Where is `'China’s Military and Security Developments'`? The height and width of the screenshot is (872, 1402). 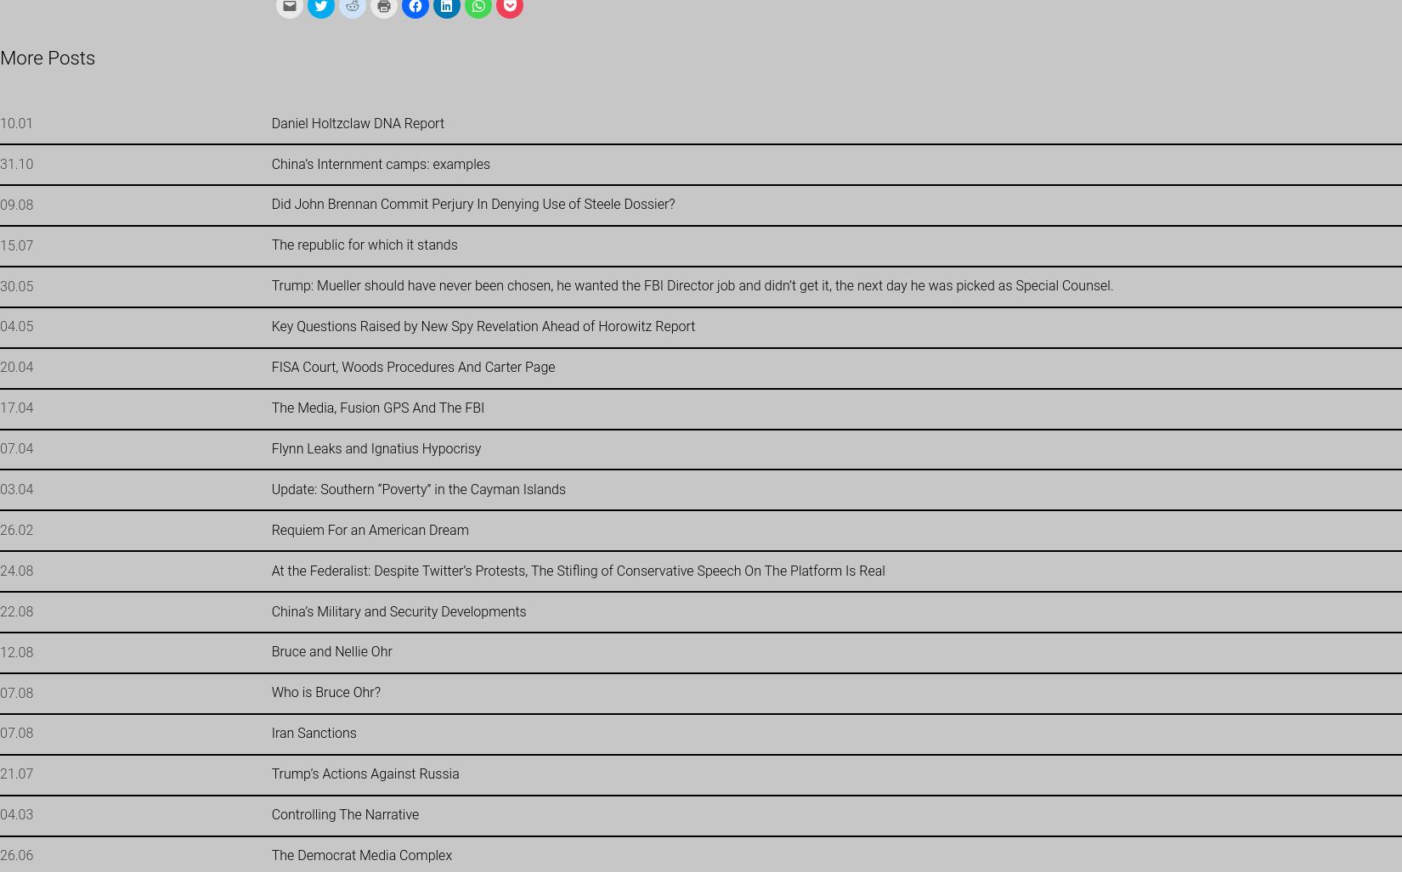
'China’s Military and Security Developments' is located at coordinates (397, 610).